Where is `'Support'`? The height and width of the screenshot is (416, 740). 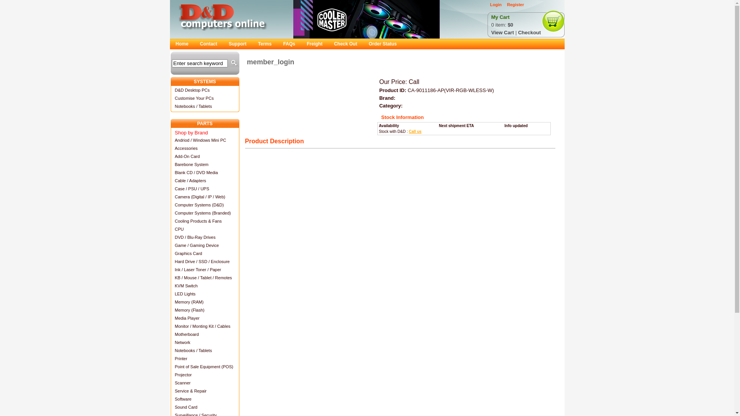 'Support' is located at coordinates (237, 44).